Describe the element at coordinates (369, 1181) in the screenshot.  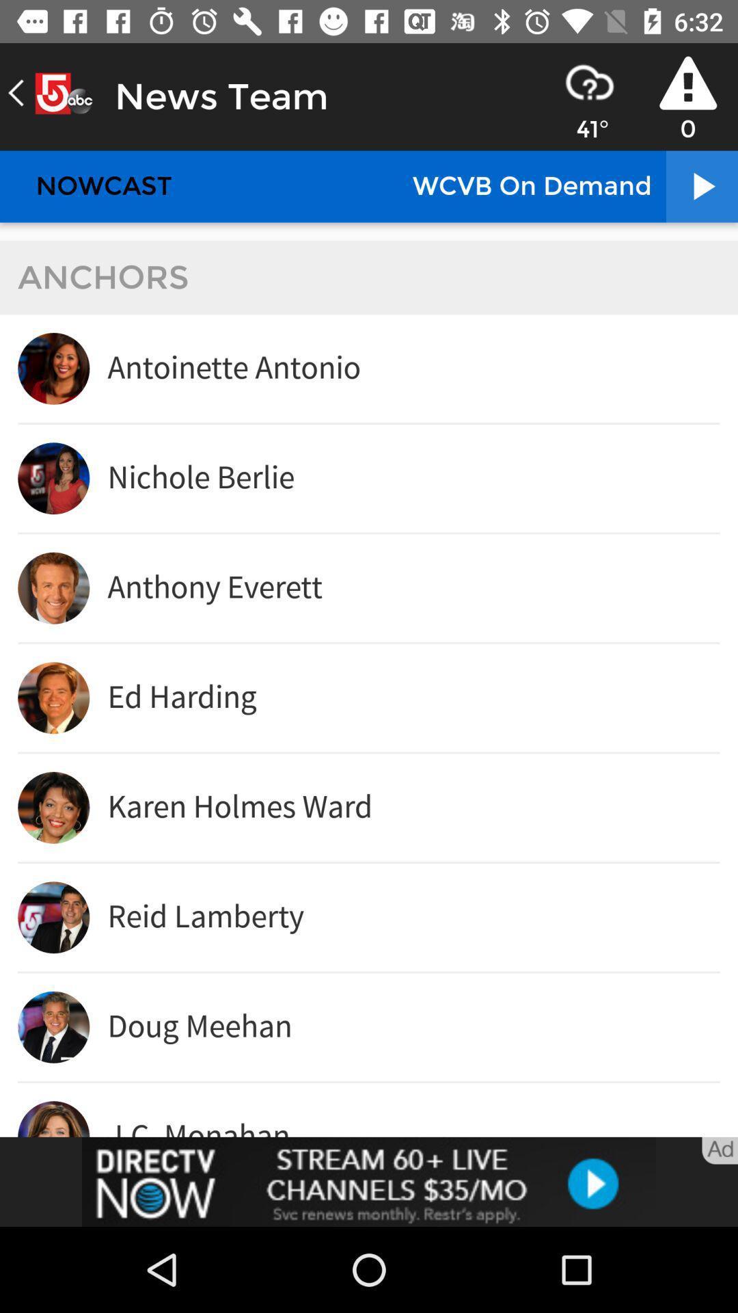
I see `adding advertisement` at that location.